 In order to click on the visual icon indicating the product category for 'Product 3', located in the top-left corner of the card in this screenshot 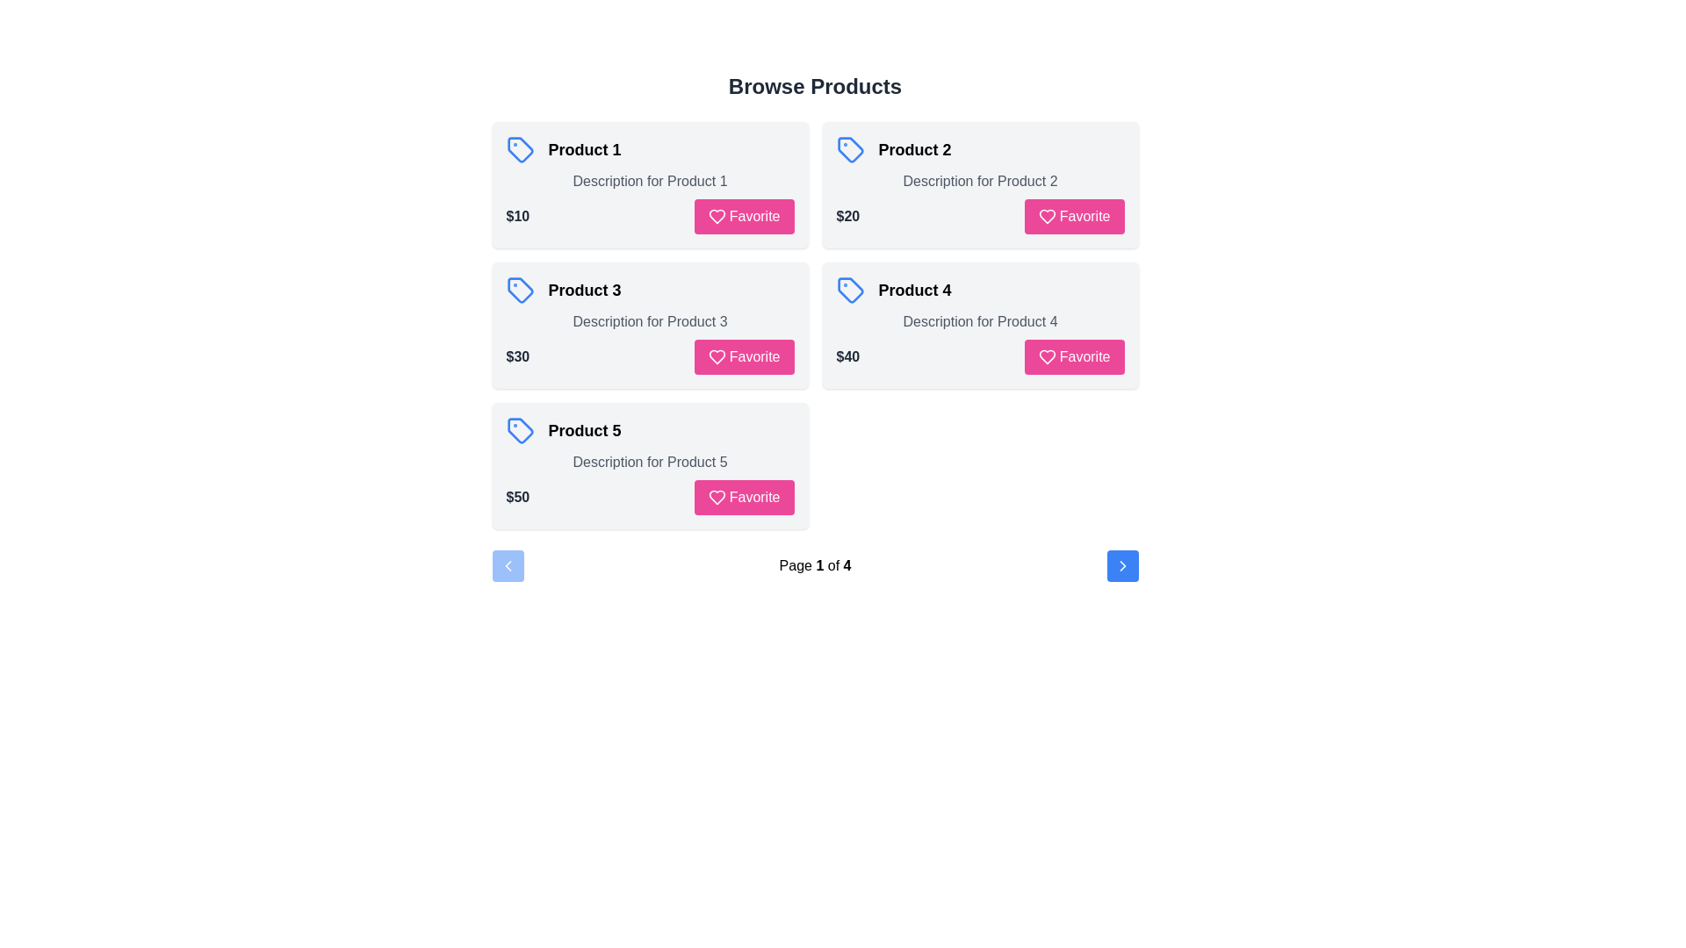, I will do `click(519, 290)`.